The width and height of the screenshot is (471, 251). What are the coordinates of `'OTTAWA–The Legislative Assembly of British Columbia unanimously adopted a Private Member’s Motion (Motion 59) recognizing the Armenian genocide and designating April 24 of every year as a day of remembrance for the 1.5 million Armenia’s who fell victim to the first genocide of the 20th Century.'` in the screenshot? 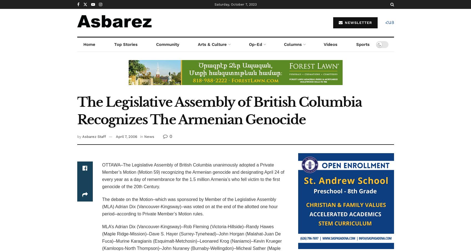 It's located at (193, 175).